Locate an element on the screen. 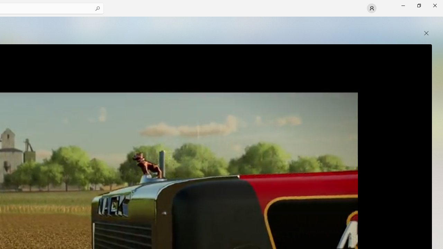 This screenshot has height=249, width=443. 'Restore Microsoft Store' is located at coordinates (418, 5).